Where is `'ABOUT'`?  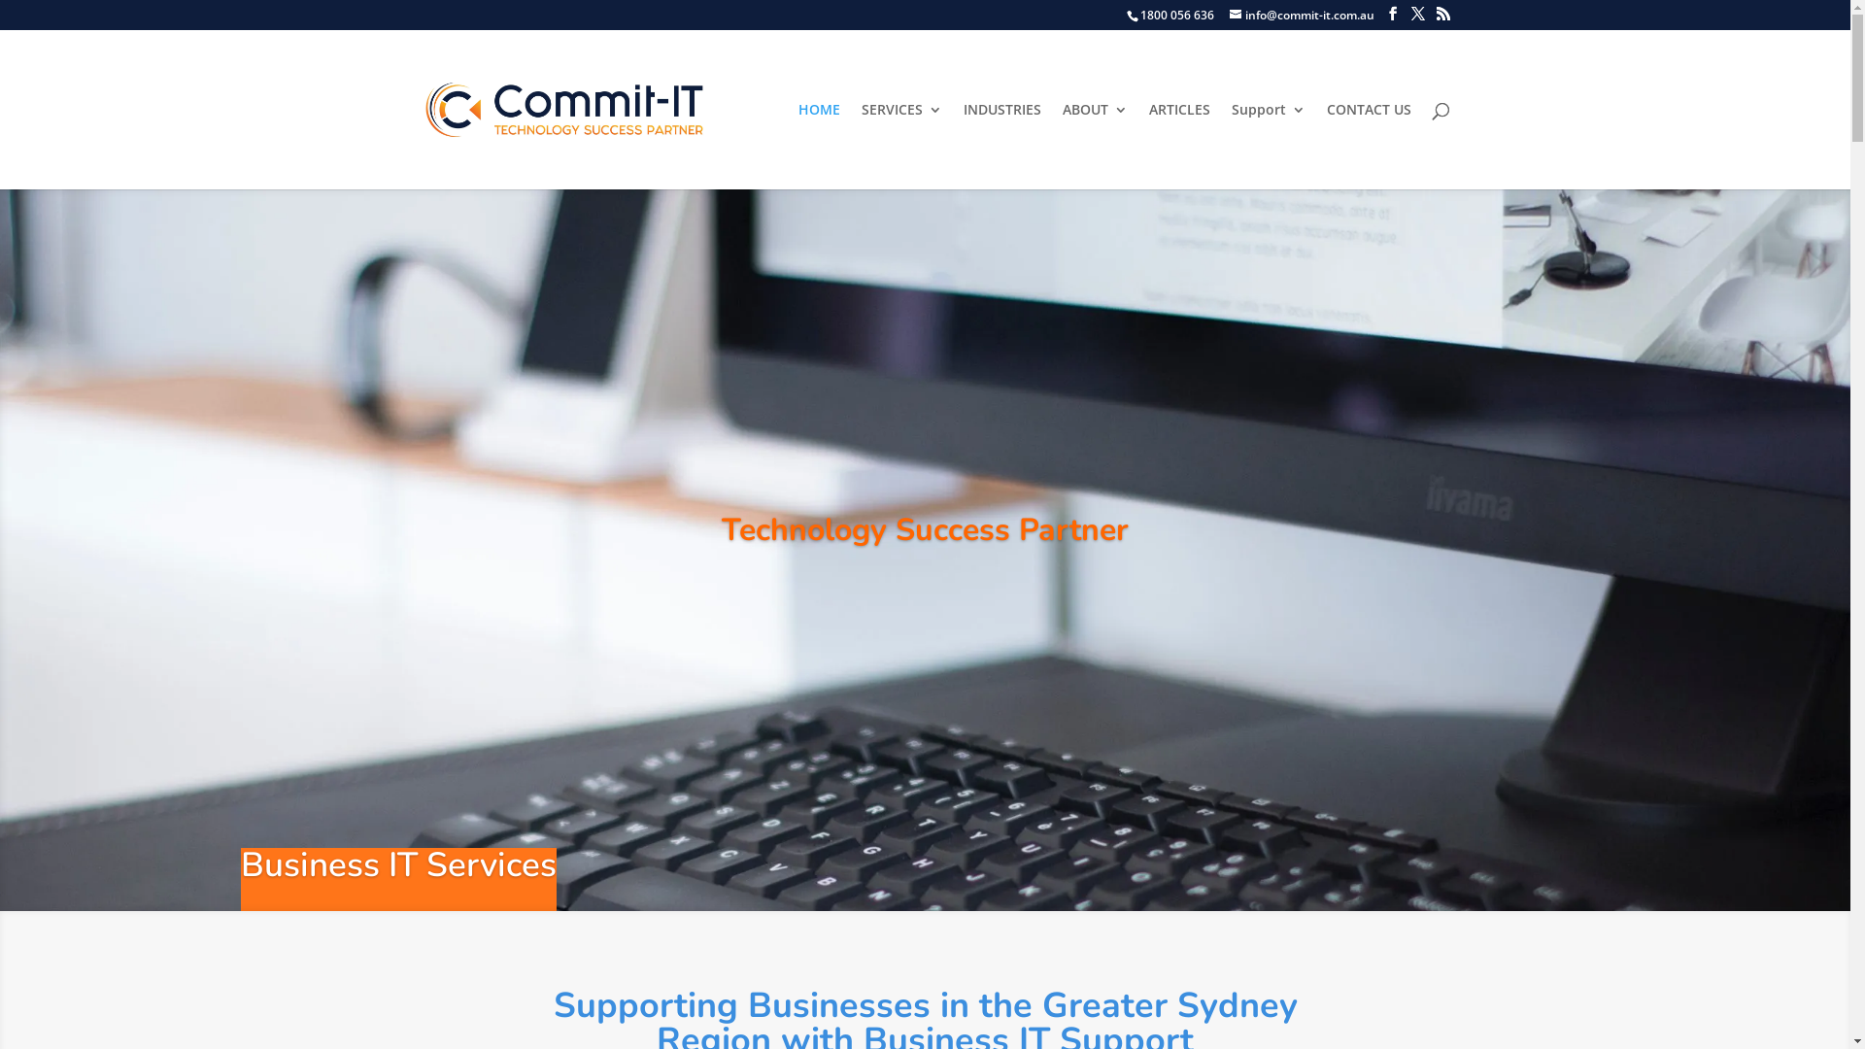 'ABOUT' is located at coordinates (1095, 145).